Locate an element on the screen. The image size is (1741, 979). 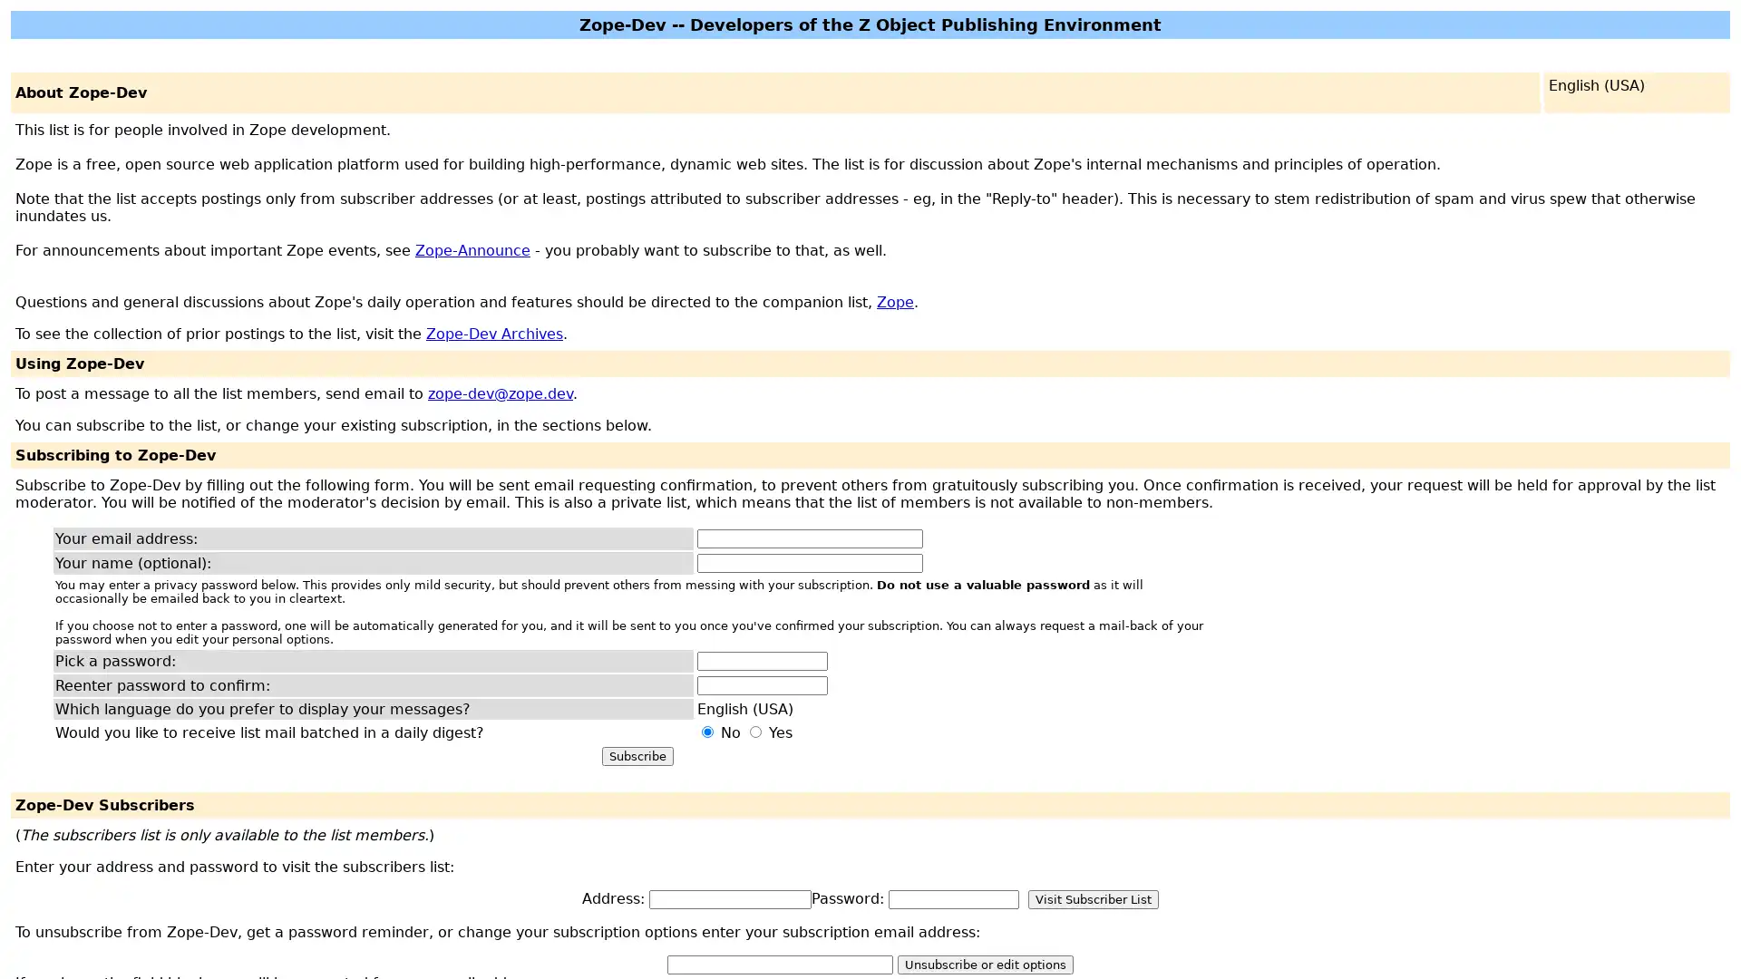
Unsubscribe or edit options is located at coordinates (984, 964).